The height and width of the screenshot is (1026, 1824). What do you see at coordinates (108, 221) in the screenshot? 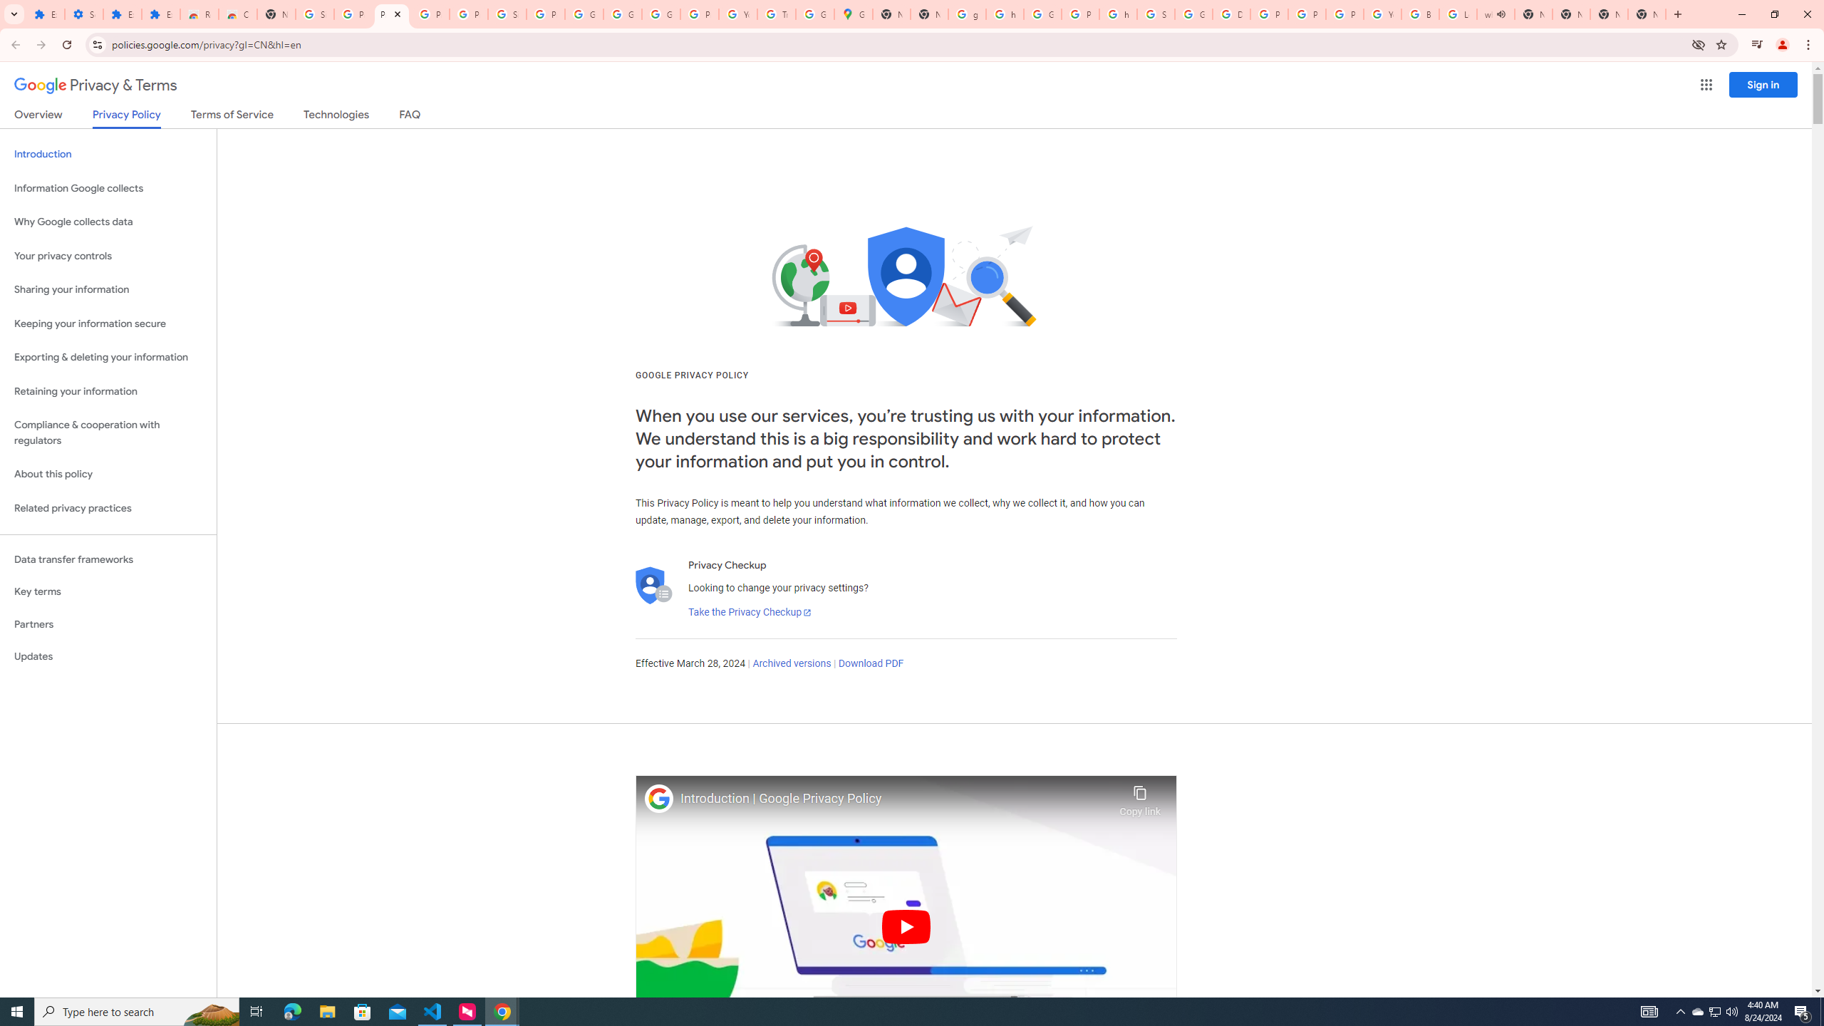
I see `'Why Google collects data'` at bounding box center [108, 221].